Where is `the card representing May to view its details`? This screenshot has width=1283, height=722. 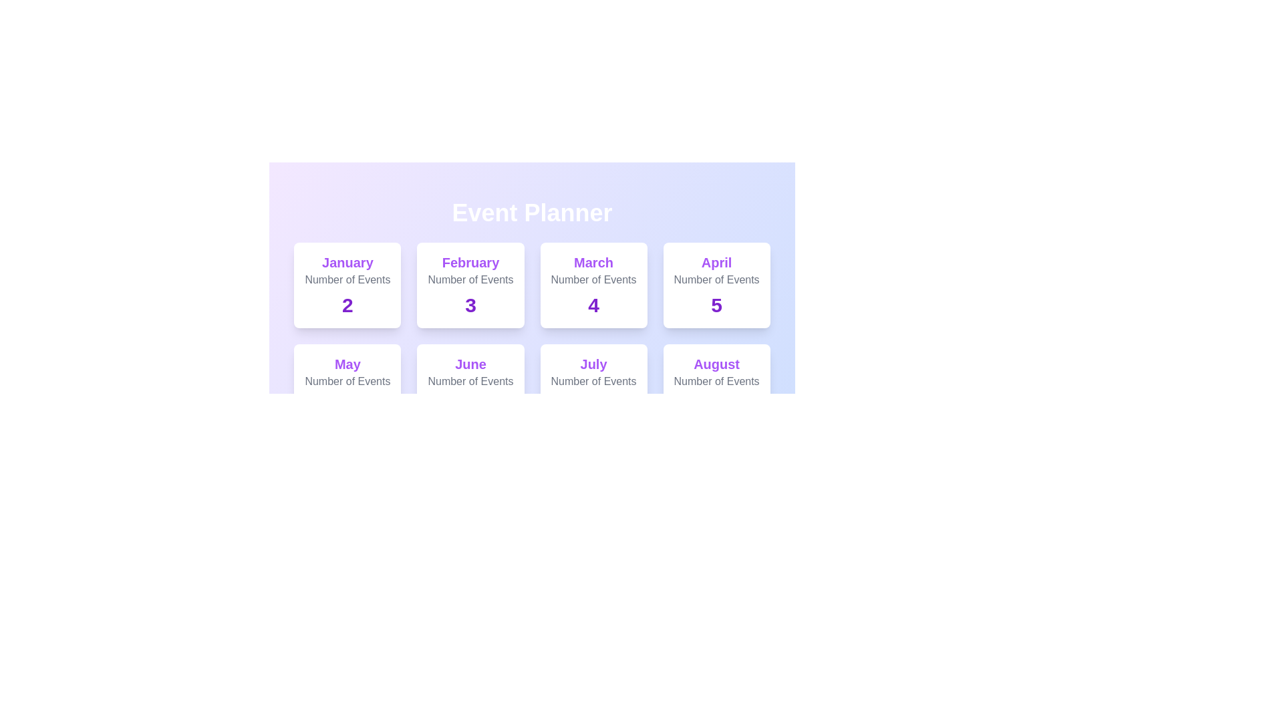 the card representing May to view its details is located at coordinates (347, 386).